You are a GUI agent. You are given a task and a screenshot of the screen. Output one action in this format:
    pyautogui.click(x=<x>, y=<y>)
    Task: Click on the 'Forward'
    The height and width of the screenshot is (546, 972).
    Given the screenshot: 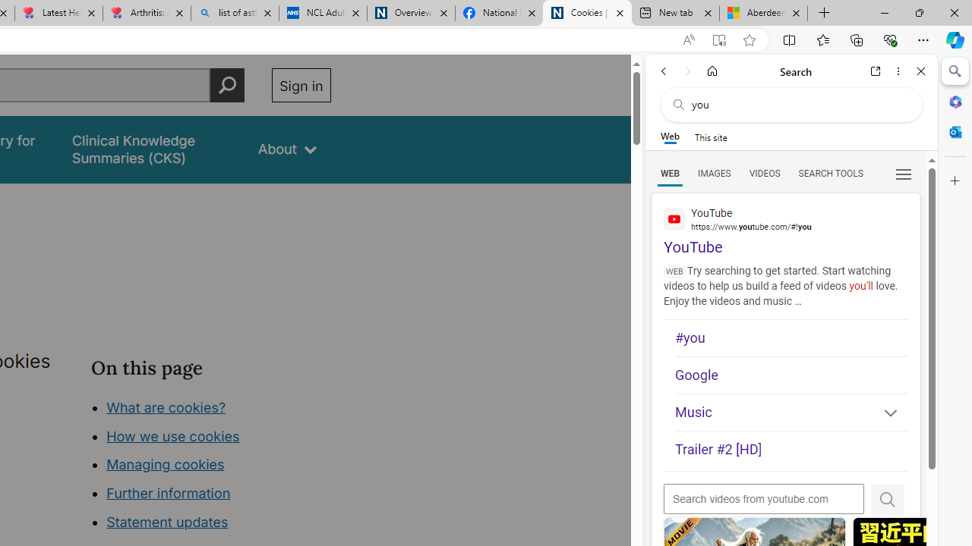 What is the action you would take?
    pyautogui.click(x=687, y=71)
    